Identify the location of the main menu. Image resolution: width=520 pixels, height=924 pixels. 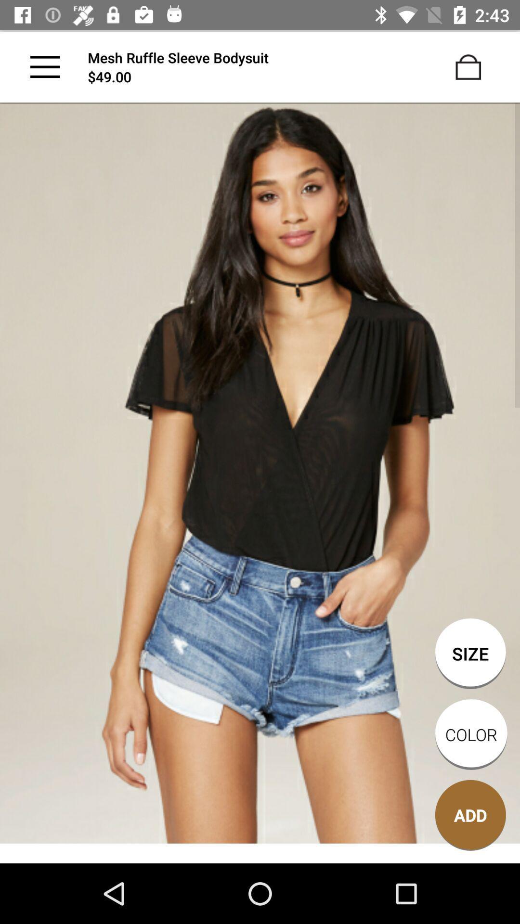
(45, 66).